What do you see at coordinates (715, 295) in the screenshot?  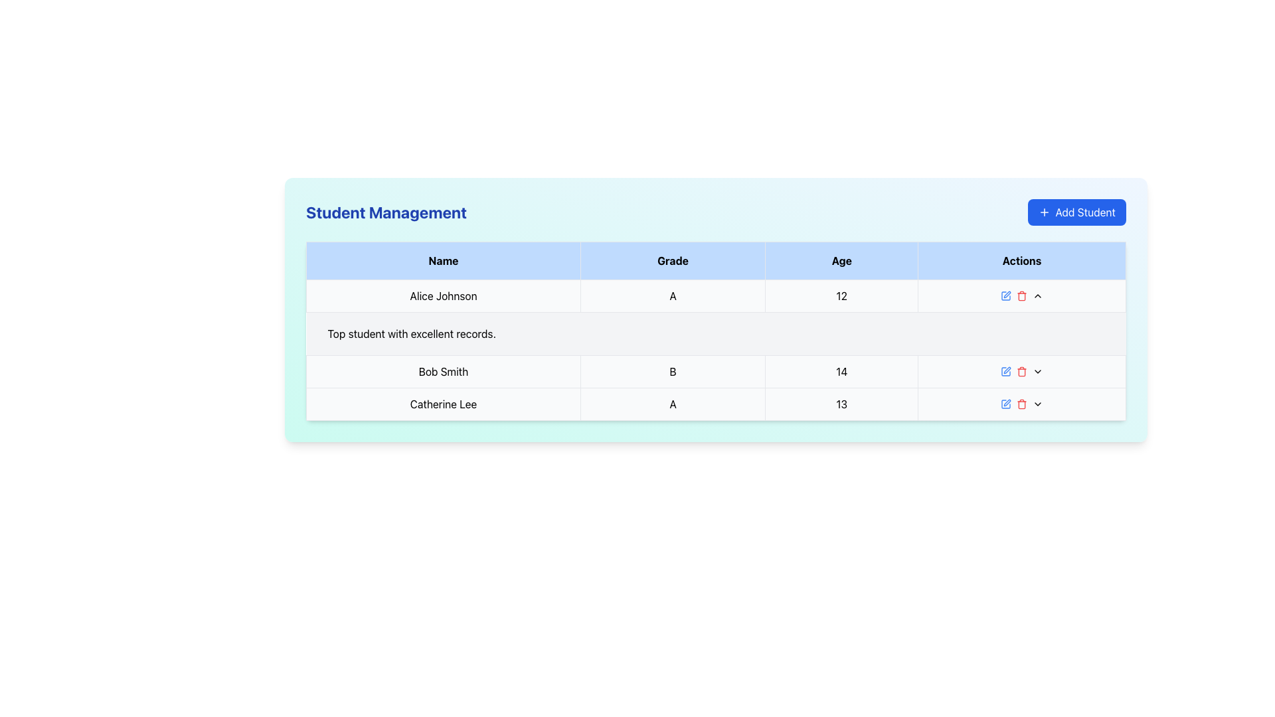 I see `the first row of the student management table containing the name 'Alice Johnson', the letter 'A', the number '12', and action icons` at bounding box center [715, 295].